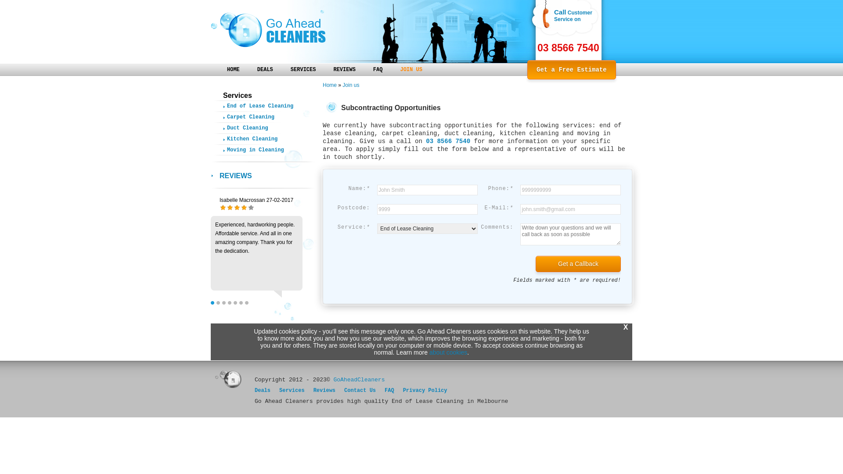  What do you see at coordinates (411, 68) in the screenshot?
I see `'JOIN US'` at bounding box center [411, 68].